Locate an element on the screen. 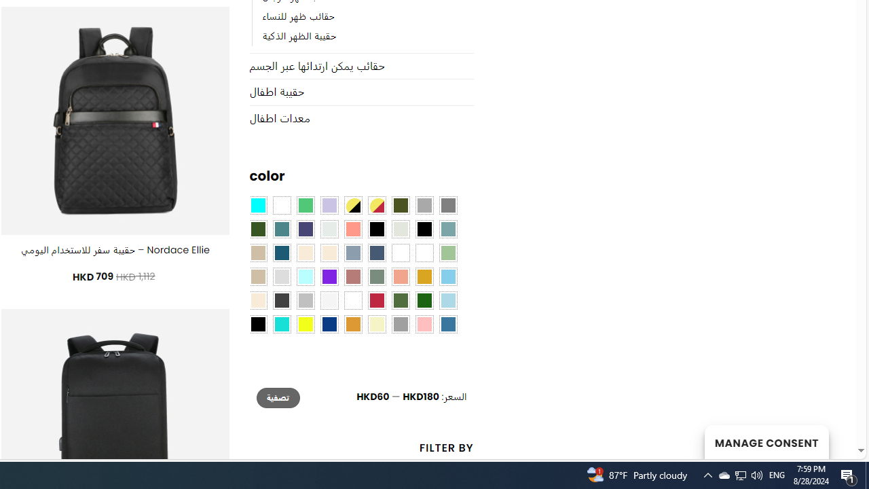 This screenshot has height=489, width=869. 'Mint' is located at coordinates (304, 276).